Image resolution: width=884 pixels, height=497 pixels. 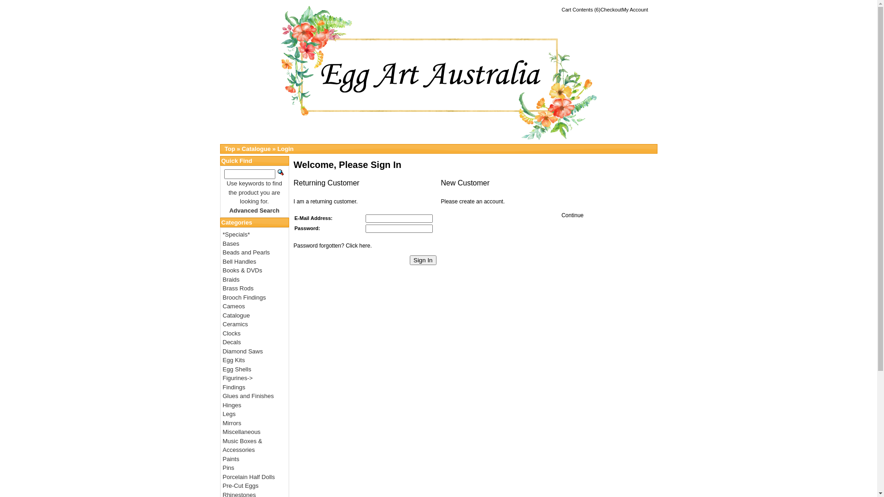 I want to click on 'Login', so click(x=285, y=148).